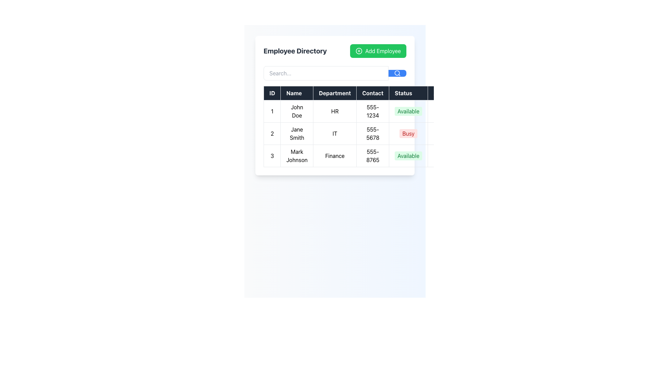 This screenshot has width=659, height=370. What do you see at coordinates (272, 111) in the screenshot?
I see `the Text Display element that shows the ID number of the first employee in the table, located at the first cell of the first row under the 'ID' column header` at bounding box center [272, 111].